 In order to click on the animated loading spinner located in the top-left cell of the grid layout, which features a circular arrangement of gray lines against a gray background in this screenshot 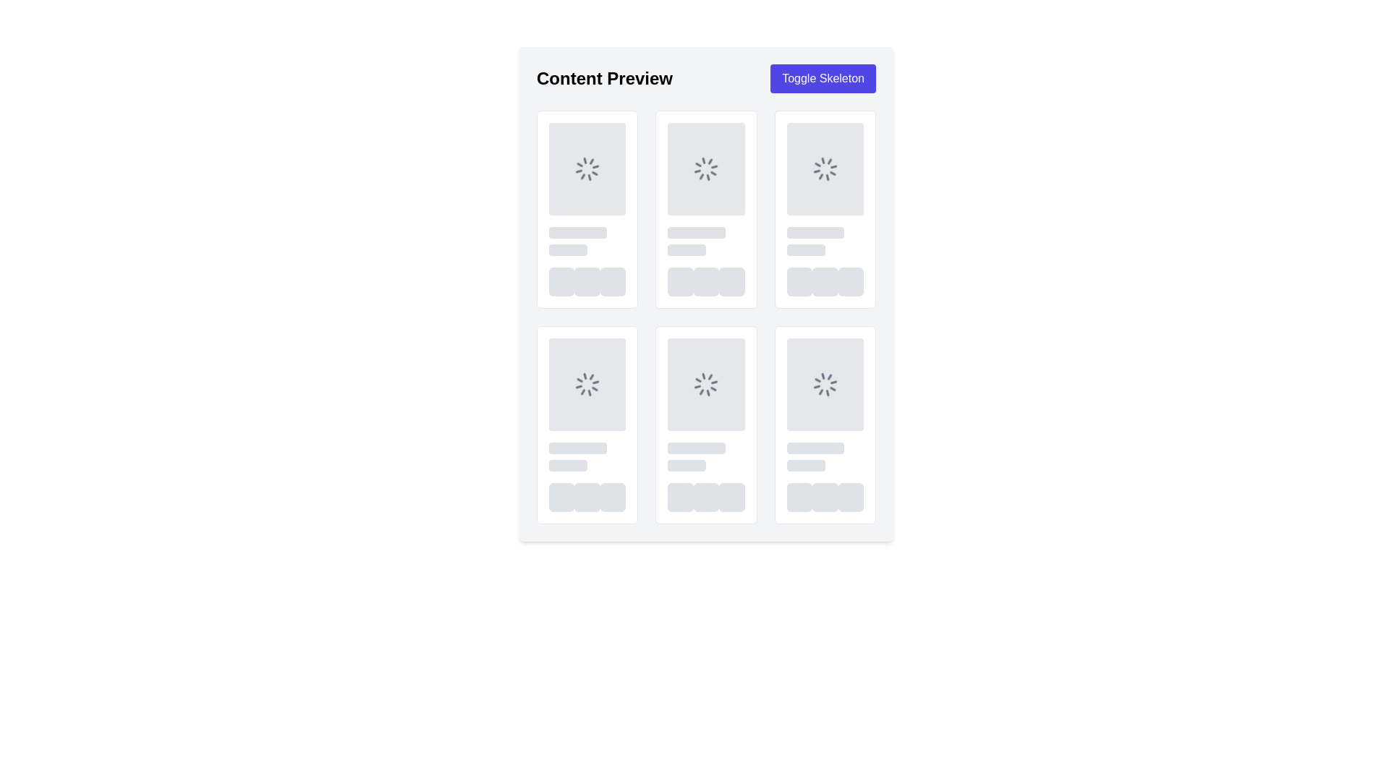, I will do `click(587, 168)`.